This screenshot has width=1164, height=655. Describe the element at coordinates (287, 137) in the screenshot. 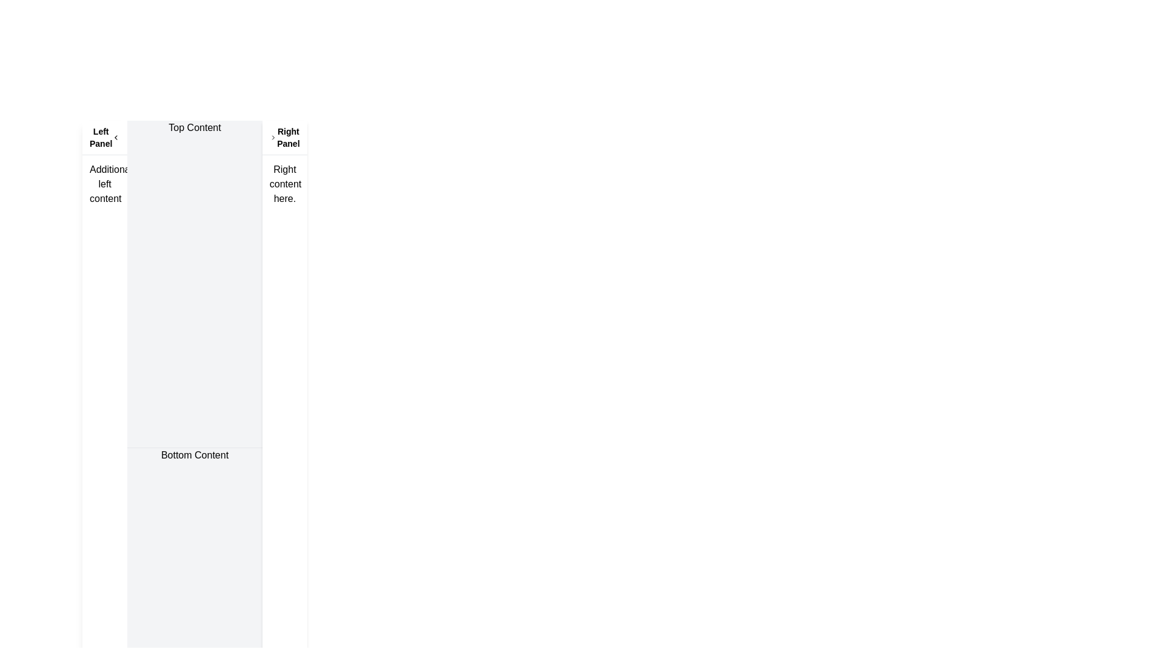

I see `the static text element labeled 'Right Panel', which is styled in bold, smaller black font and located next to a chevron icon in a right-aligned panel` at that location.